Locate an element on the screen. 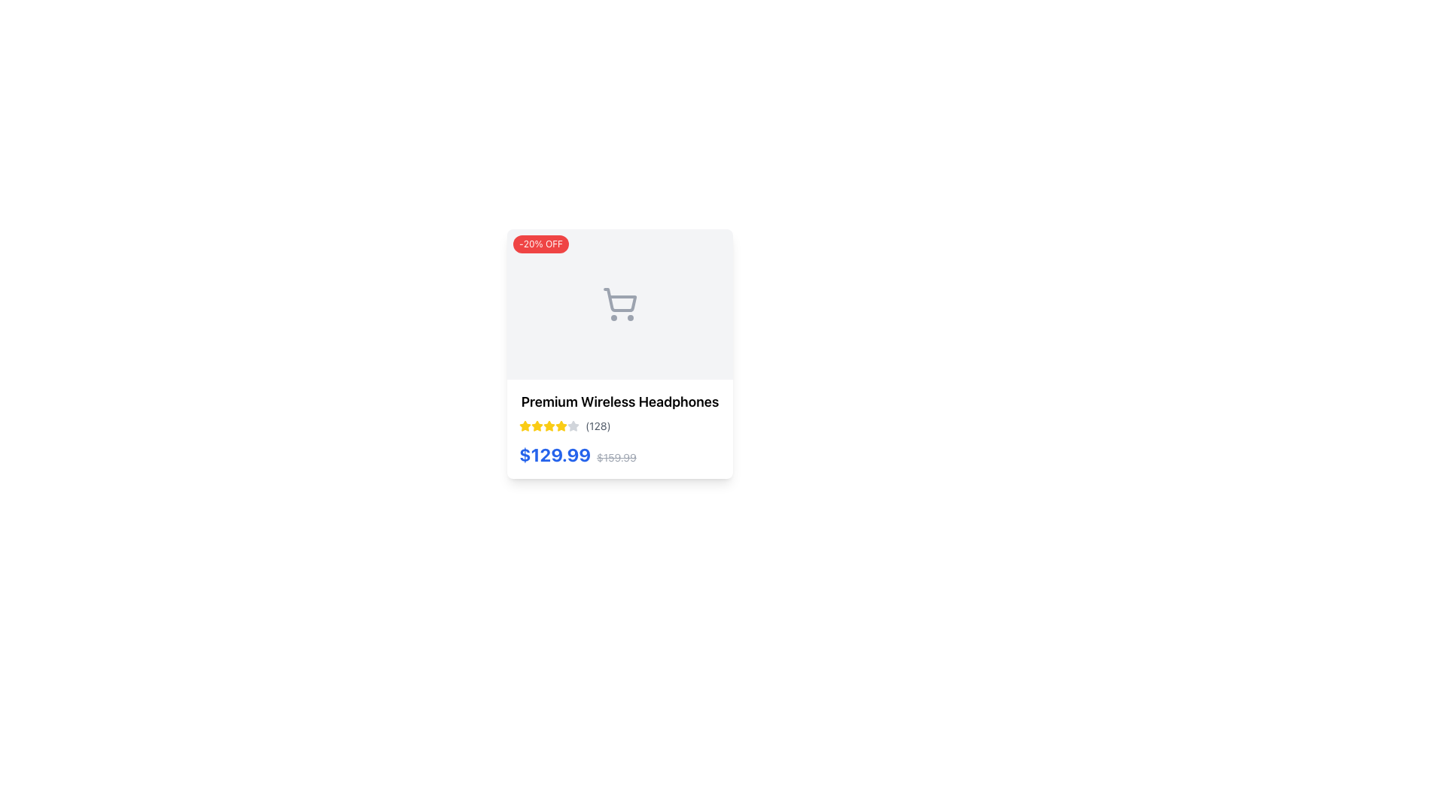 The height and width of the screenshot is (812, 1445). the yellow star icon in the rating system to interact with it is located at coordinates (525, 426).